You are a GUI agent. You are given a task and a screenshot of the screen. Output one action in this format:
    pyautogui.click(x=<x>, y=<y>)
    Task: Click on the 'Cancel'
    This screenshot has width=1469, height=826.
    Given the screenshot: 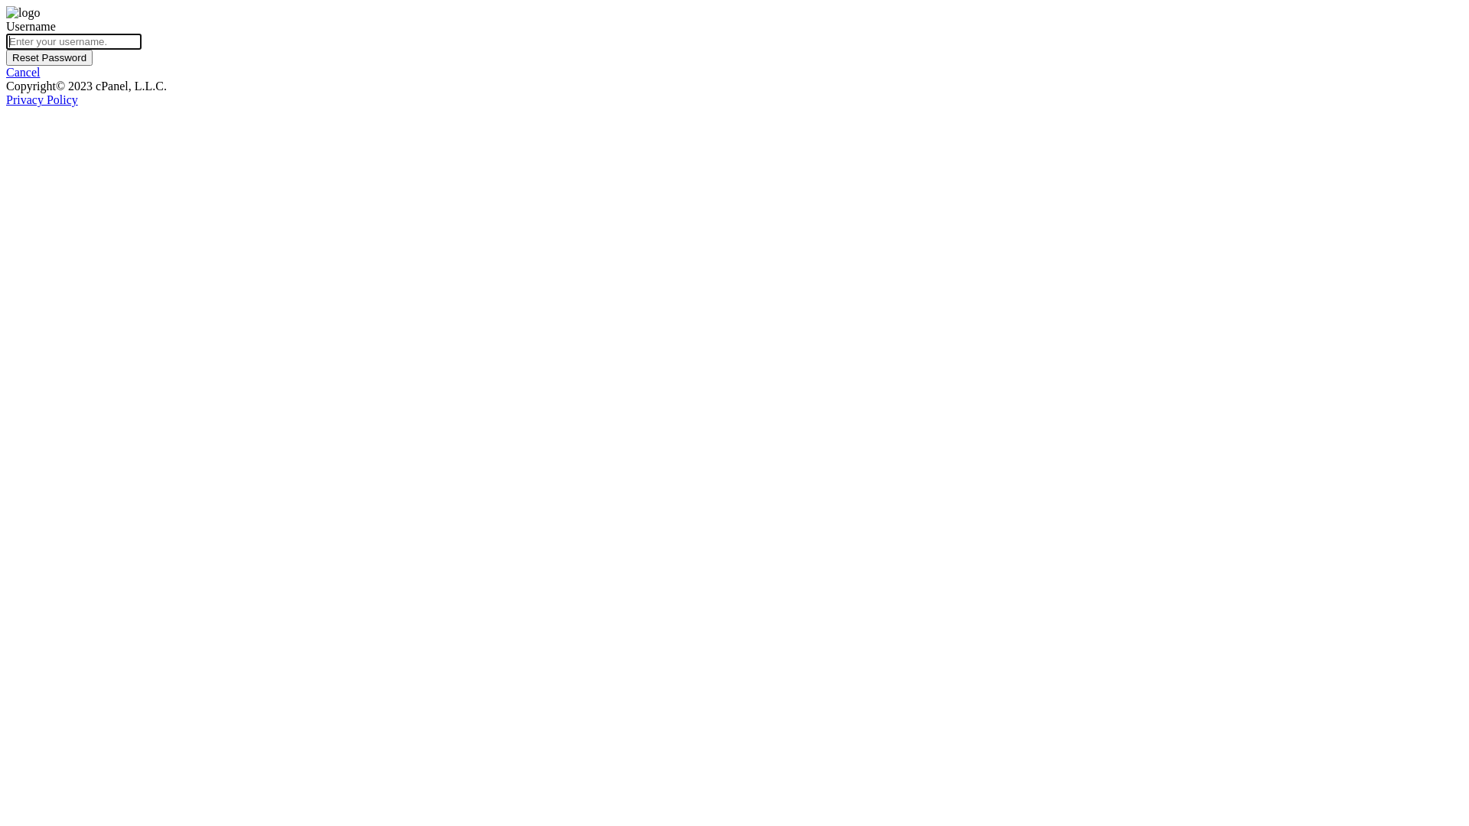 What is the action you would take?
    pyautogui.click(x=6, y=72)
    